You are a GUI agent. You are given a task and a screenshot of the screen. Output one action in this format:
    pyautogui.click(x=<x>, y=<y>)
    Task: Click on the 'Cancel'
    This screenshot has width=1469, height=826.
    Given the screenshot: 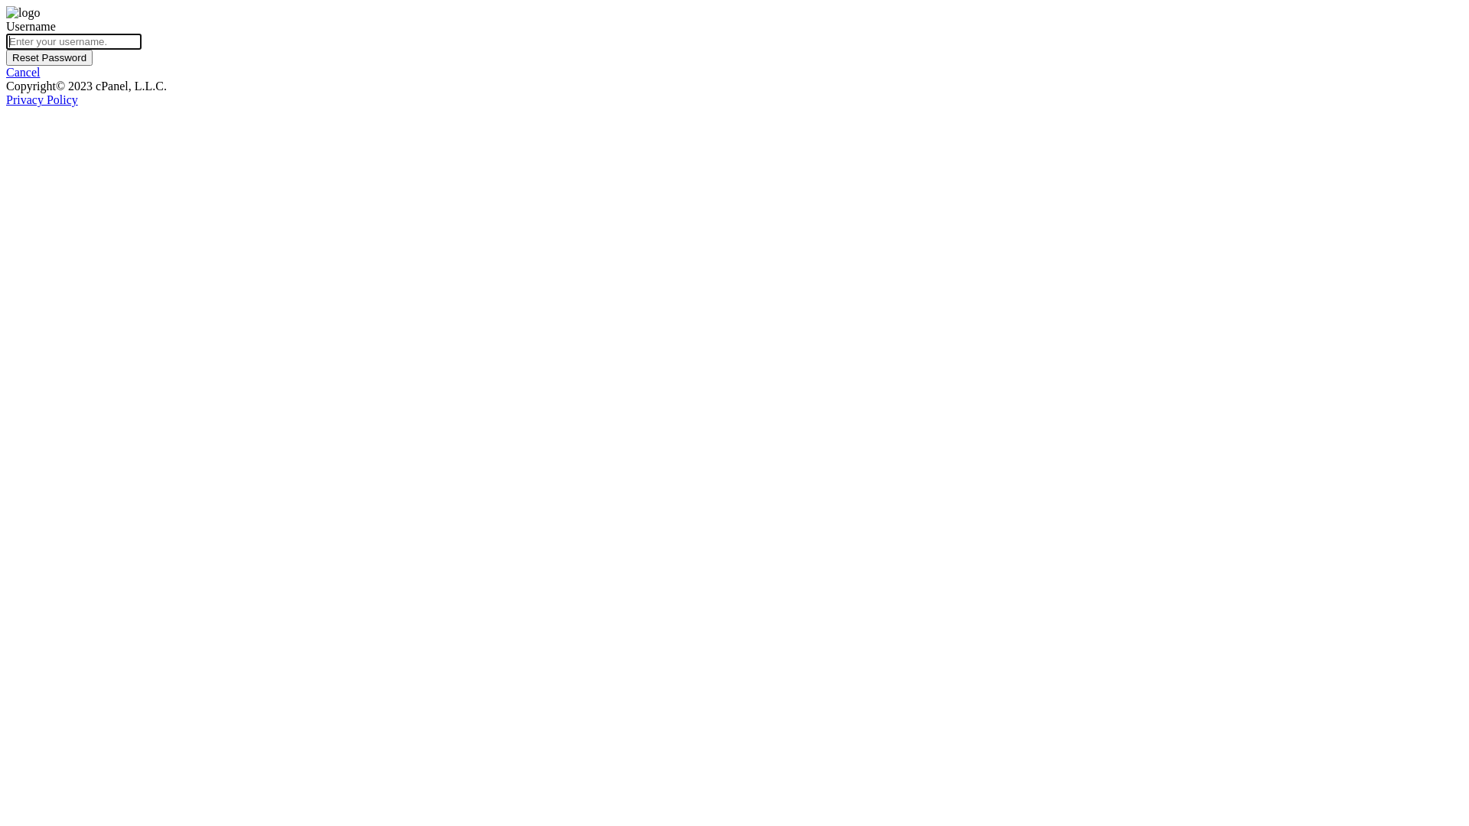 What is the action you would take?
    pyautogui.click(x=6, y=72)
    